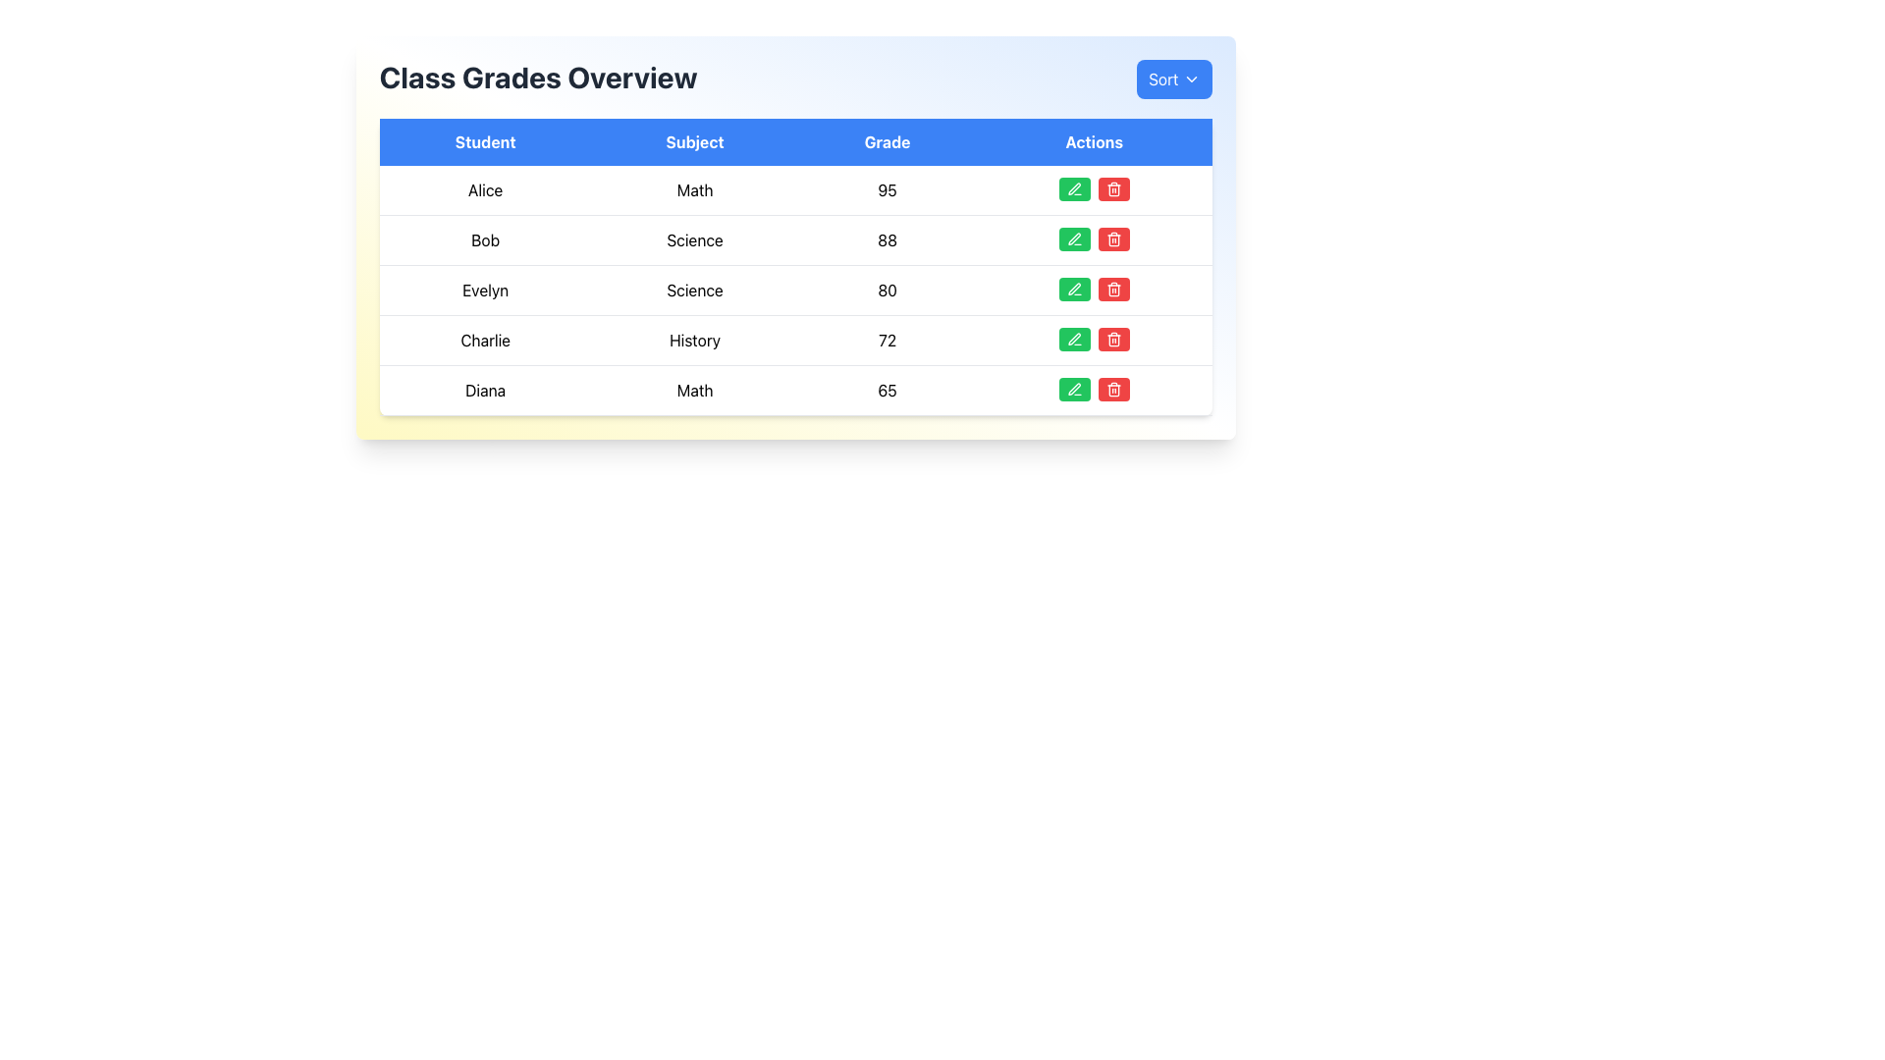  What do you see at coordinates (485, 340) in the screenshot?
I see `text from the Text Label displaying 'Charlie' located in the first column under 'Student', between 'Evelyn' and 'Diana'` at bounding box center [485, 340].